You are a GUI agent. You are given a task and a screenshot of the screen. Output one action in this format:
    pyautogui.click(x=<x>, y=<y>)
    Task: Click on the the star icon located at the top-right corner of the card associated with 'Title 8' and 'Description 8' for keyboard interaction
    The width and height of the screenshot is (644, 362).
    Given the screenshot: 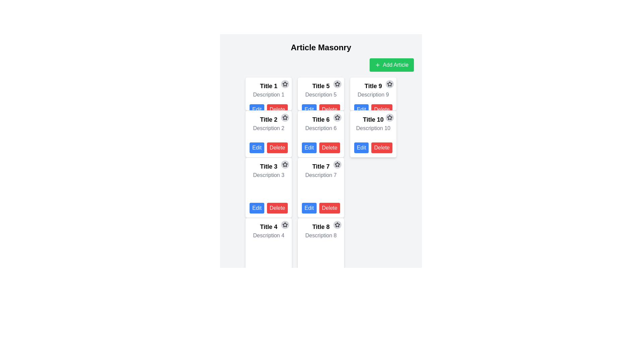 What is the action you would take?
    pyautogui.click(x=337, y=225)
    